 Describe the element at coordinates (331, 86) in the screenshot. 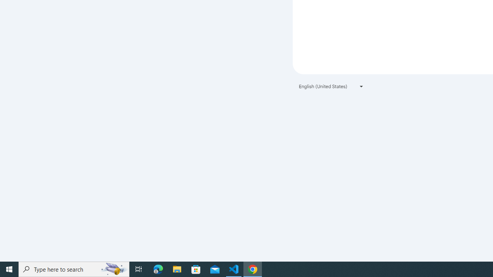

I see `'English (United States)'` at that location.